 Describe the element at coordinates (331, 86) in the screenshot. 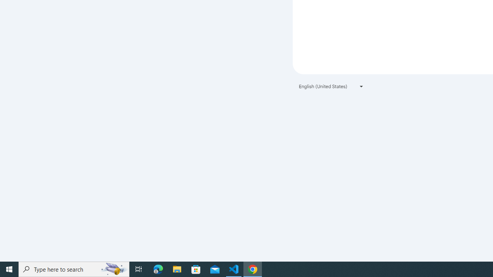

I see `'English (United States)'` at that location.